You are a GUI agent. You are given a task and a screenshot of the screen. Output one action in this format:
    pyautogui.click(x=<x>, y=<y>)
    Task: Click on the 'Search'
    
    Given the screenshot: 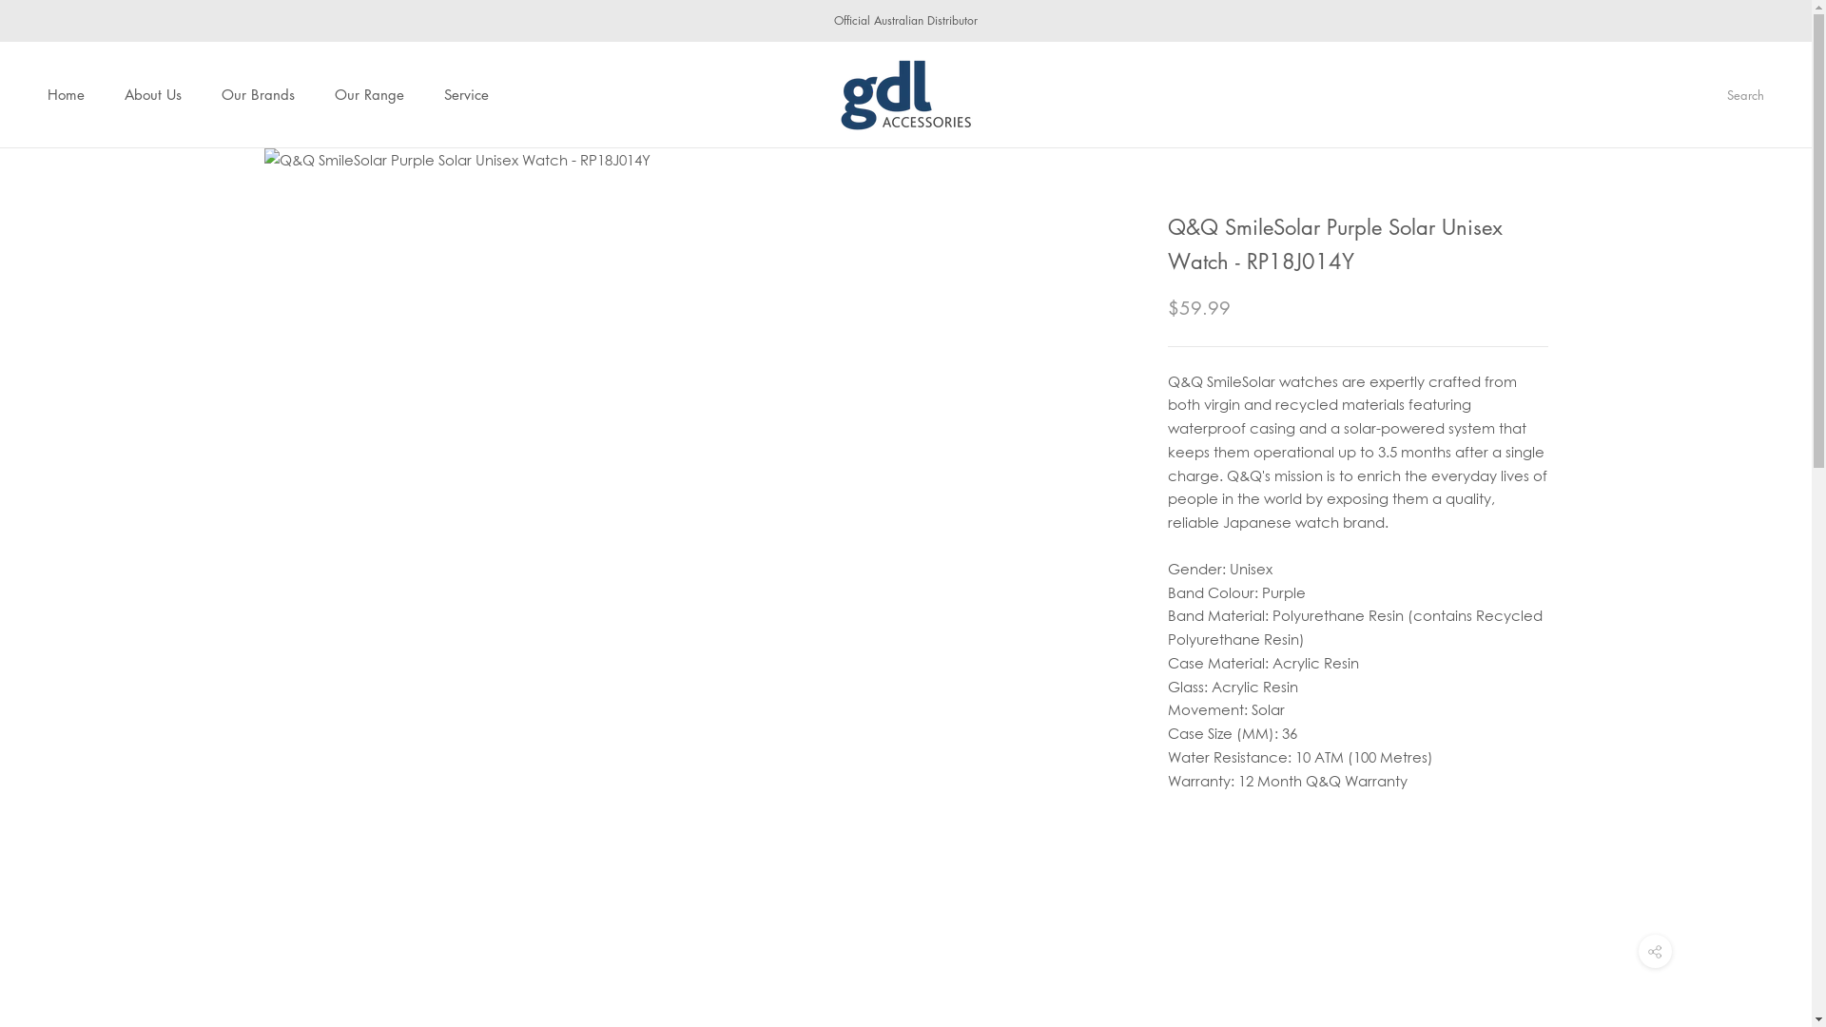 What is the action you would take?
    pyautogui.click(x=1745, y=94)
    